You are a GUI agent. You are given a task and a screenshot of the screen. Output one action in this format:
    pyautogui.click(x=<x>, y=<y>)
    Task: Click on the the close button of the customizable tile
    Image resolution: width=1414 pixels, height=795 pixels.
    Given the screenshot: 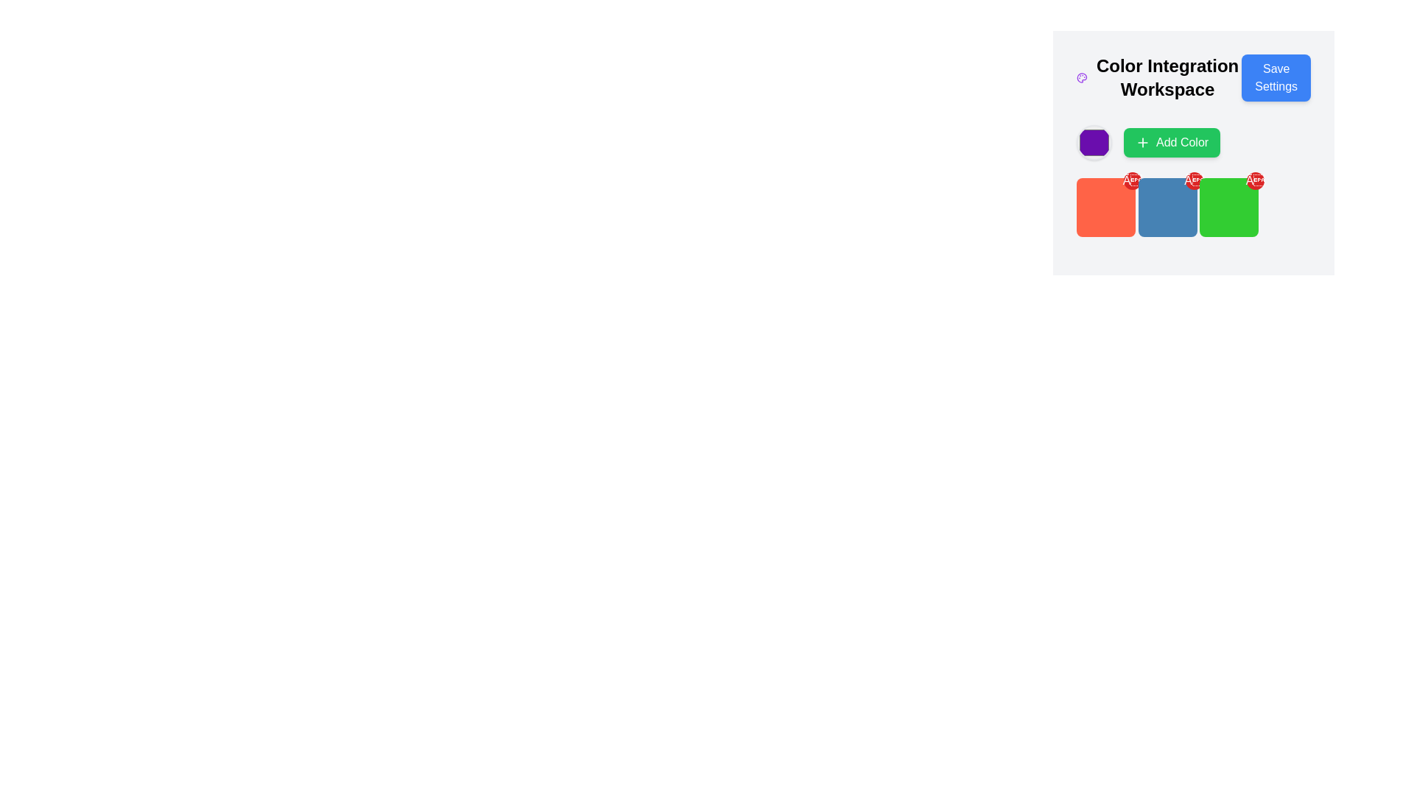 What is the action you would take?
    pyautogui.click(x=1106, y=207)
    